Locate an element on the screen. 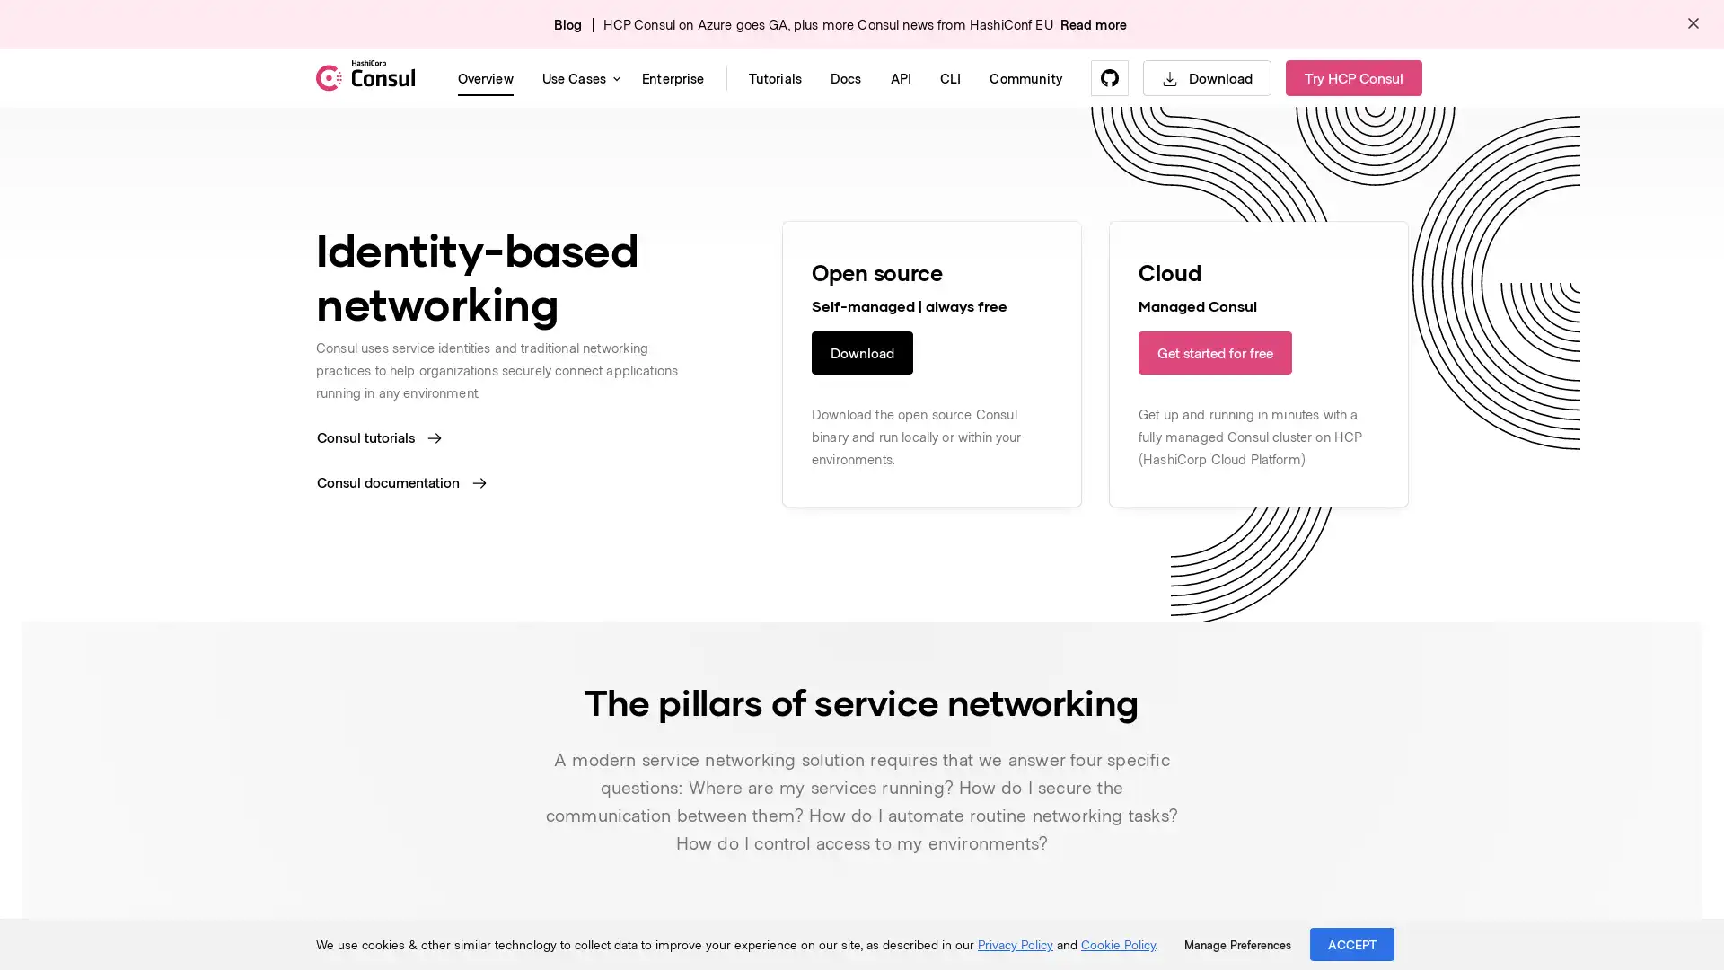 This screenshot has height=970, width=1724. Manage Preferences is located at coordinates (1236, 944).